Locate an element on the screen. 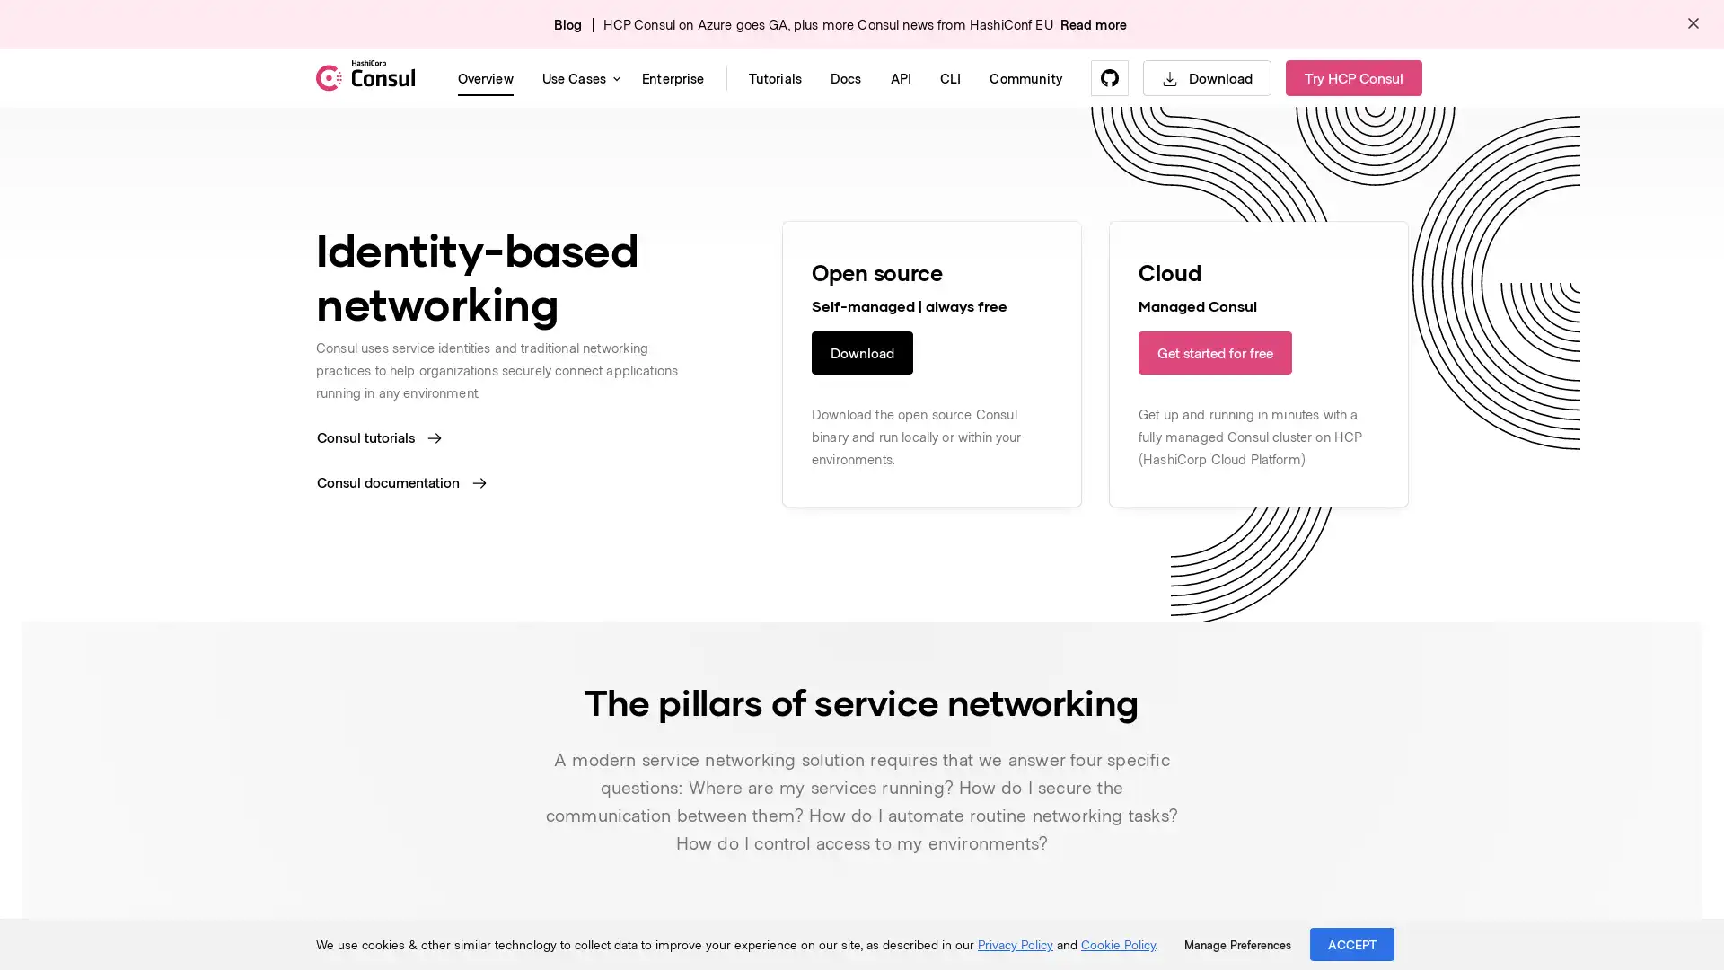 This screenshot has height=970, width=1724. Manage Preferences is located at coordinates (1236, 944).